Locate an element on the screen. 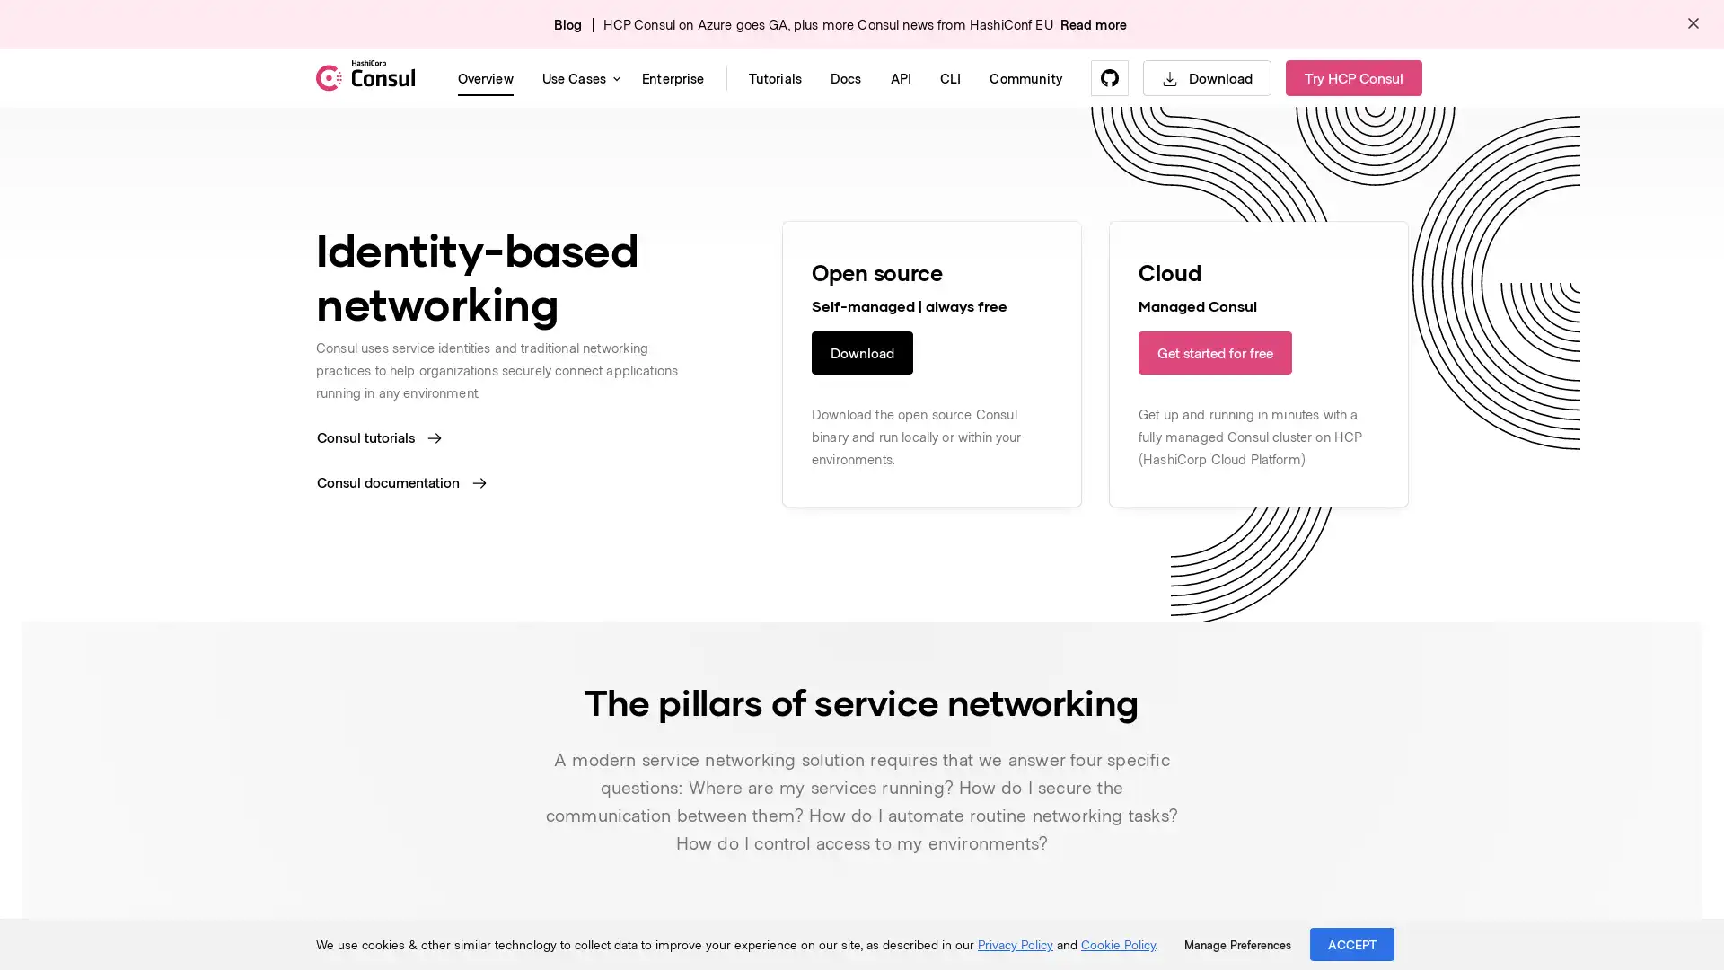 This screenshot has height=970, width=1724. Manage Preferences is located at coordinates (1236, 944).